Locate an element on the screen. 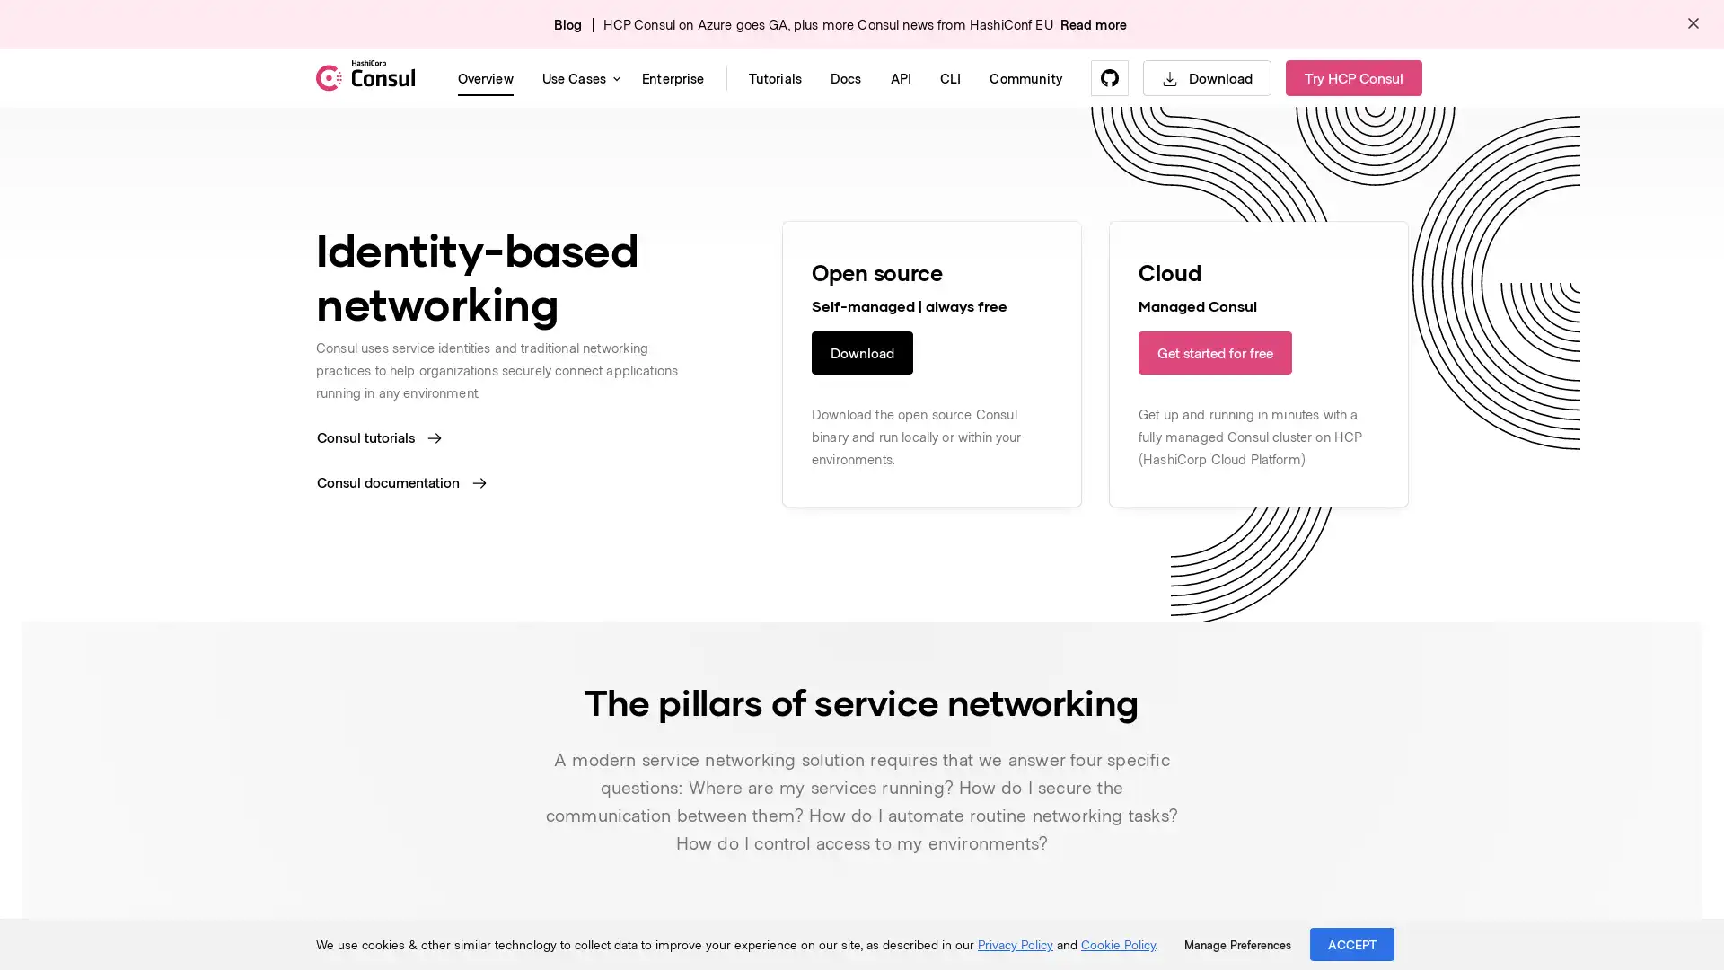 This screenshot has height=970, width=1724. Manage Preferences is located at coordinates (1236, 944).